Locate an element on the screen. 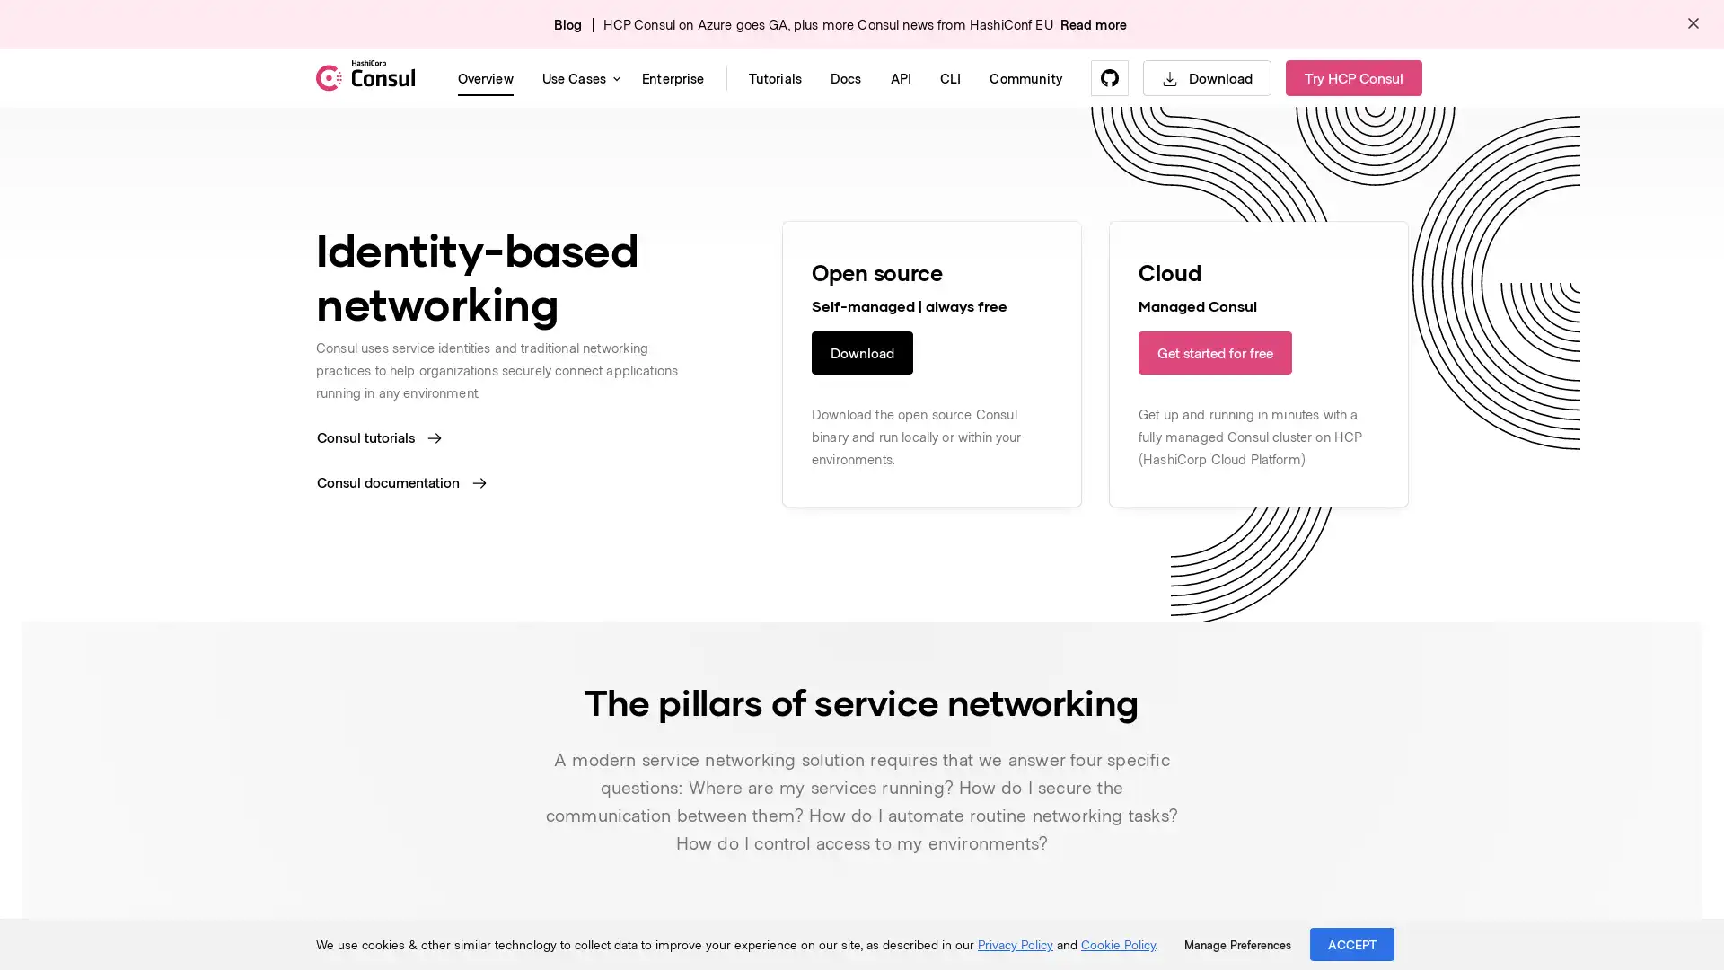 This screenshot has height=970, width=1724. Manage Preferences is located at coordinates (1236, 944).